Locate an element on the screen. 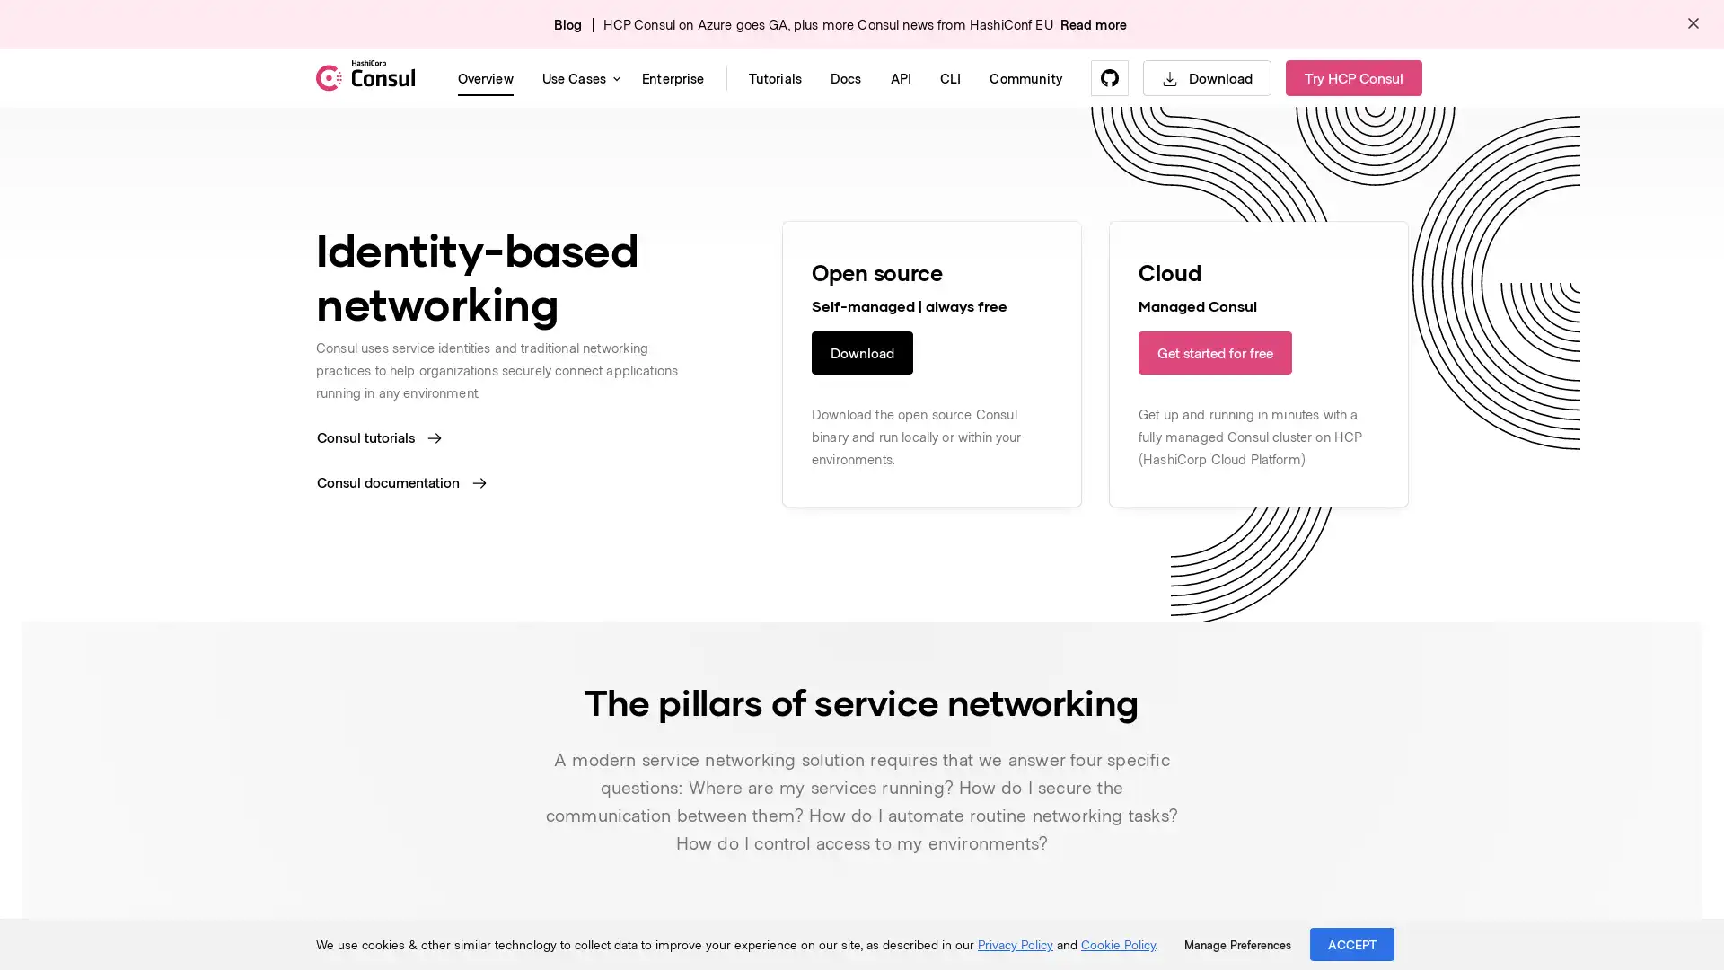 This screenshot has height=970, width=1724. Manage Preferences is located at coordinates (1236, 944).